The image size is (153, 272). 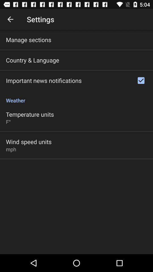 I want to click on item below country & language icon, so click(x=43, y=80).